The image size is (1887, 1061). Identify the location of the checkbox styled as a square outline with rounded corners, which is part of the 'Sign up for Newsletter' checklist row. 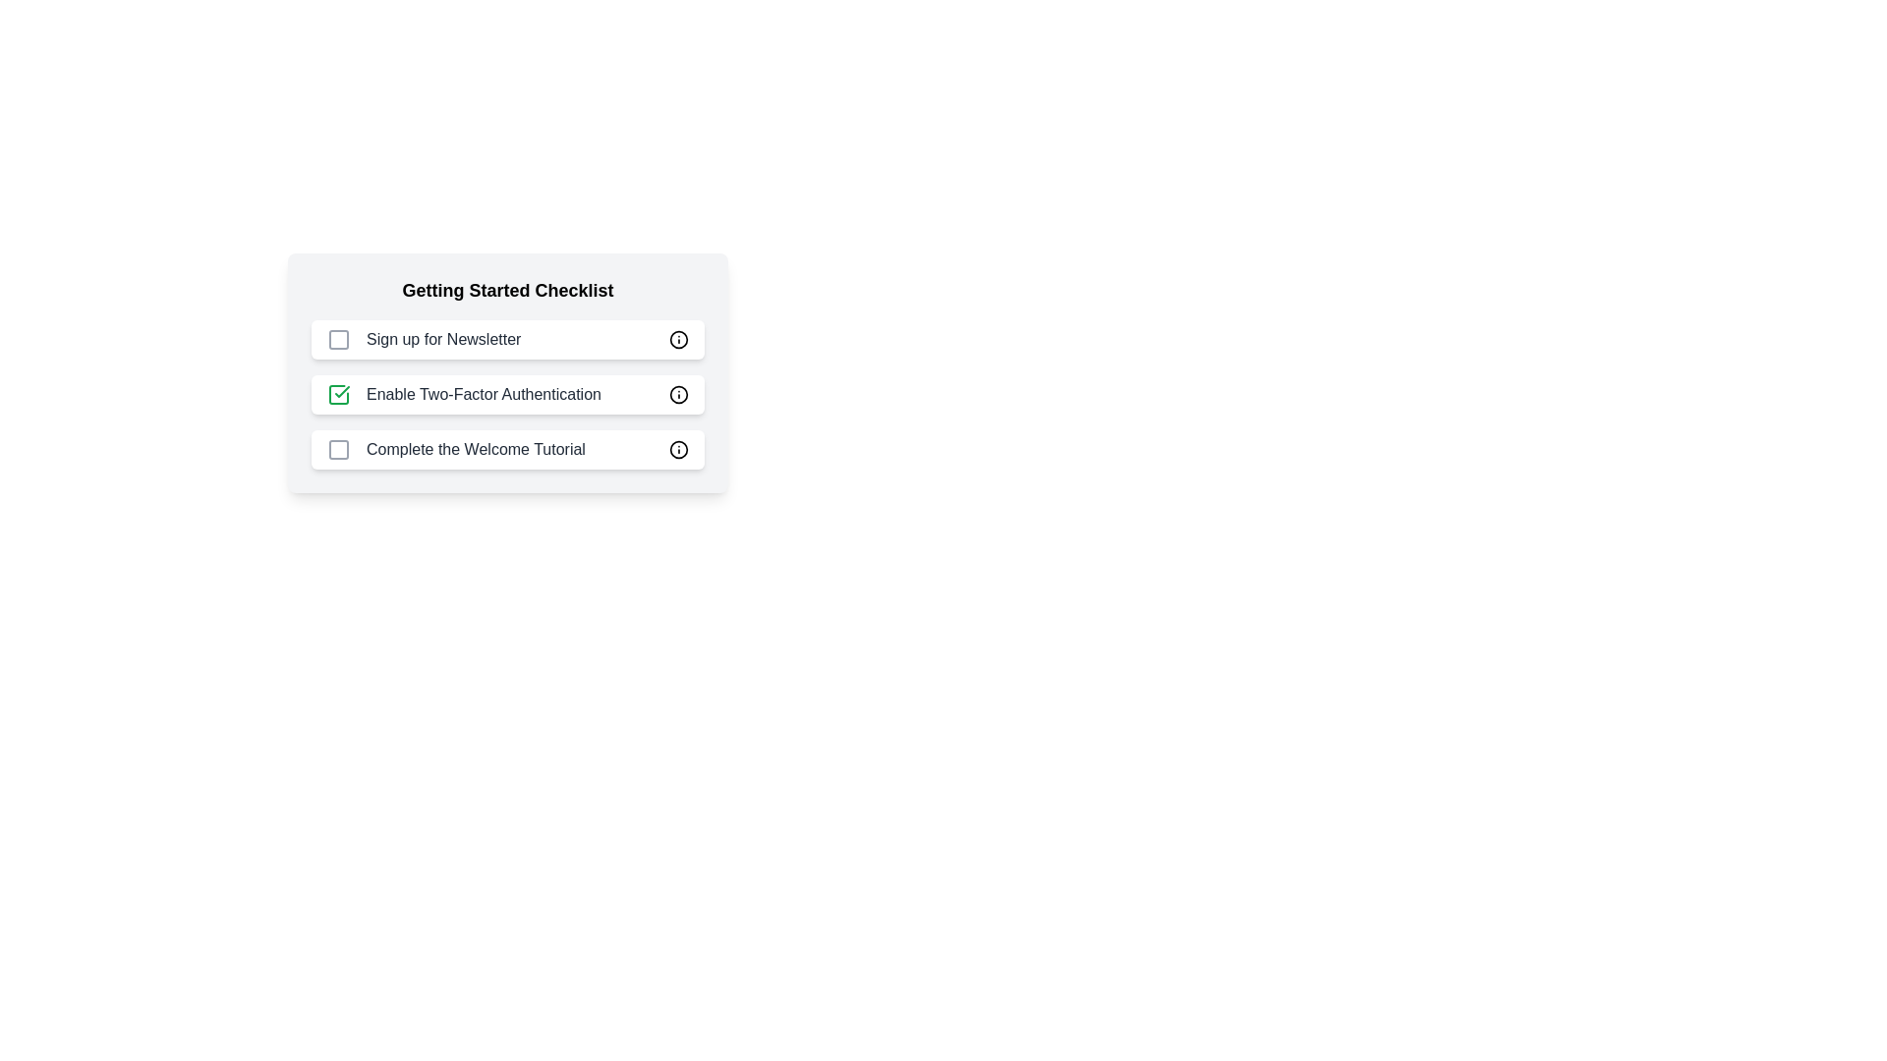
(339, 339).